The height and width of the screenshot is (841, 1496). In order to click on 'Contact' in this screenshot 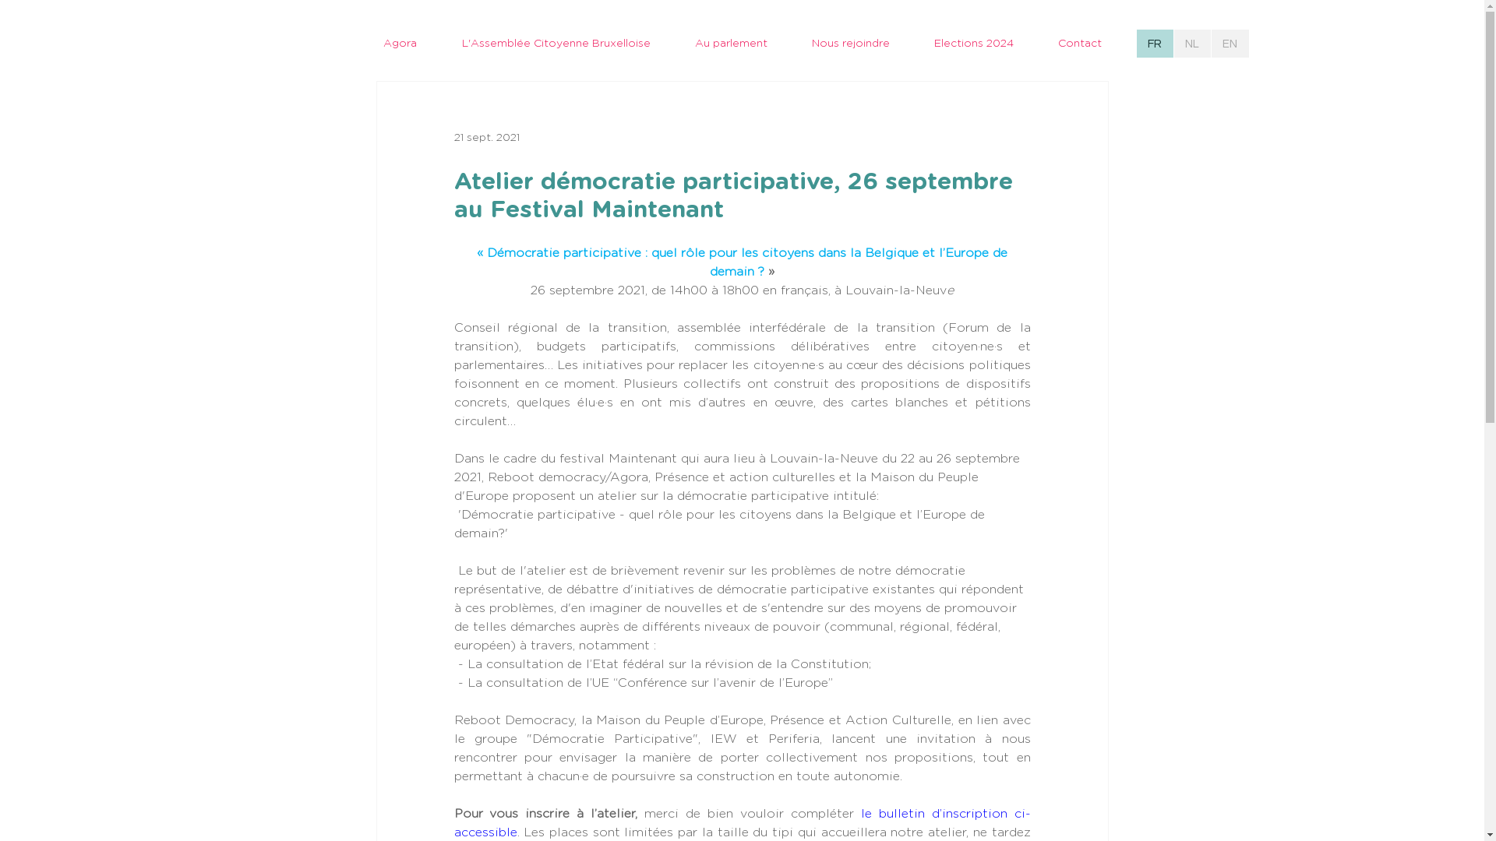, I will do `click(1036, 43)`.